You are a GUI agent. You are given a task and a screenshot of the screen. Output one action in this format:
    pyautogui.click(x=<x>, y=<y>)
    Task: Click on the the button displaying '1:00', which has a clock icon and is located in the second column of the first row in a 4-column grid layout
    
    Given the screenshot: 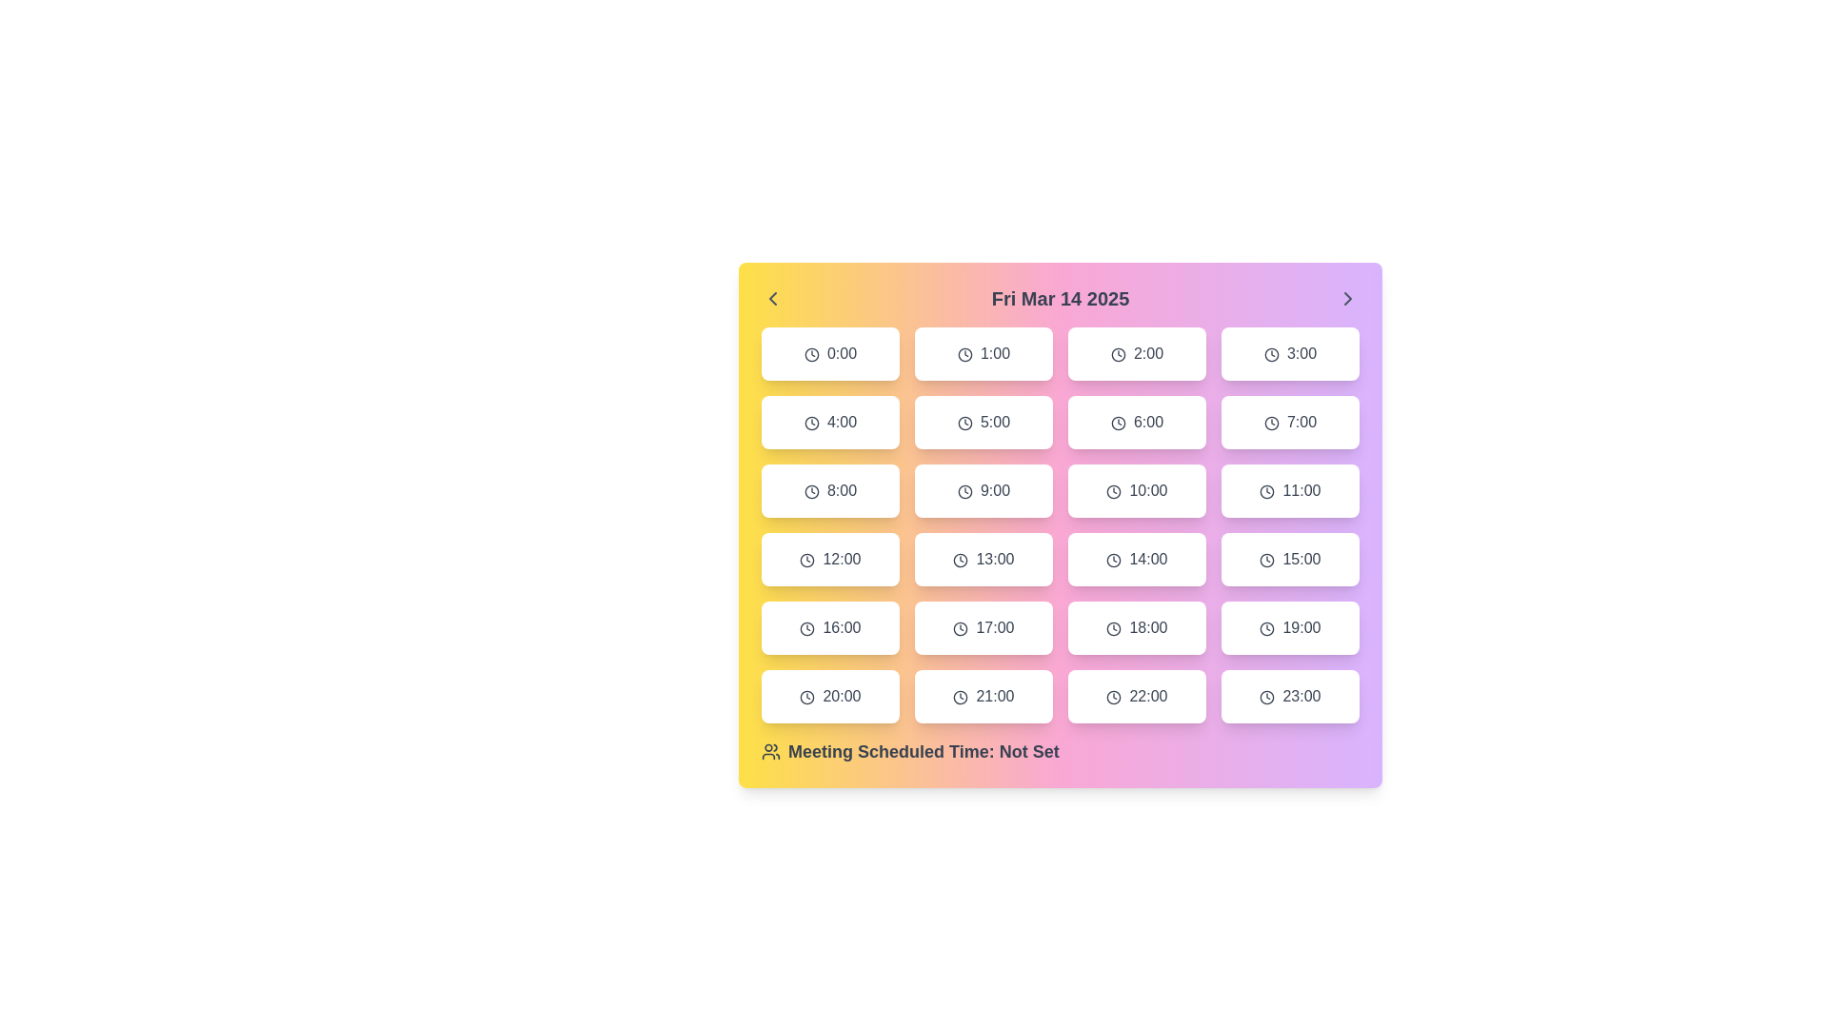 What is the action you would take?
    pyautogui.click(x=984, y=353)
    